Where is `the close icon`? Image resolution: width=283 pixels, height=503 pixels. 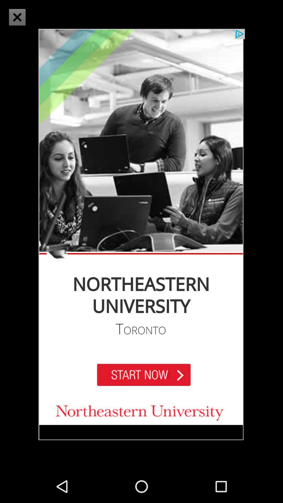 the close icon is located at coordinates (20, 22).